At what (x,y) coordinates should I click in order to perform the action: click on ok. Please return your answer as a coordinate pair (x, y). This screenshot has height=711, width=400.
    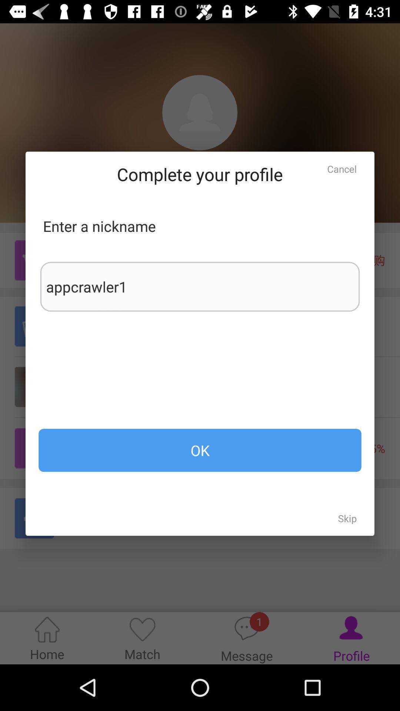
    Looking at the image, I should click on (200, 450).